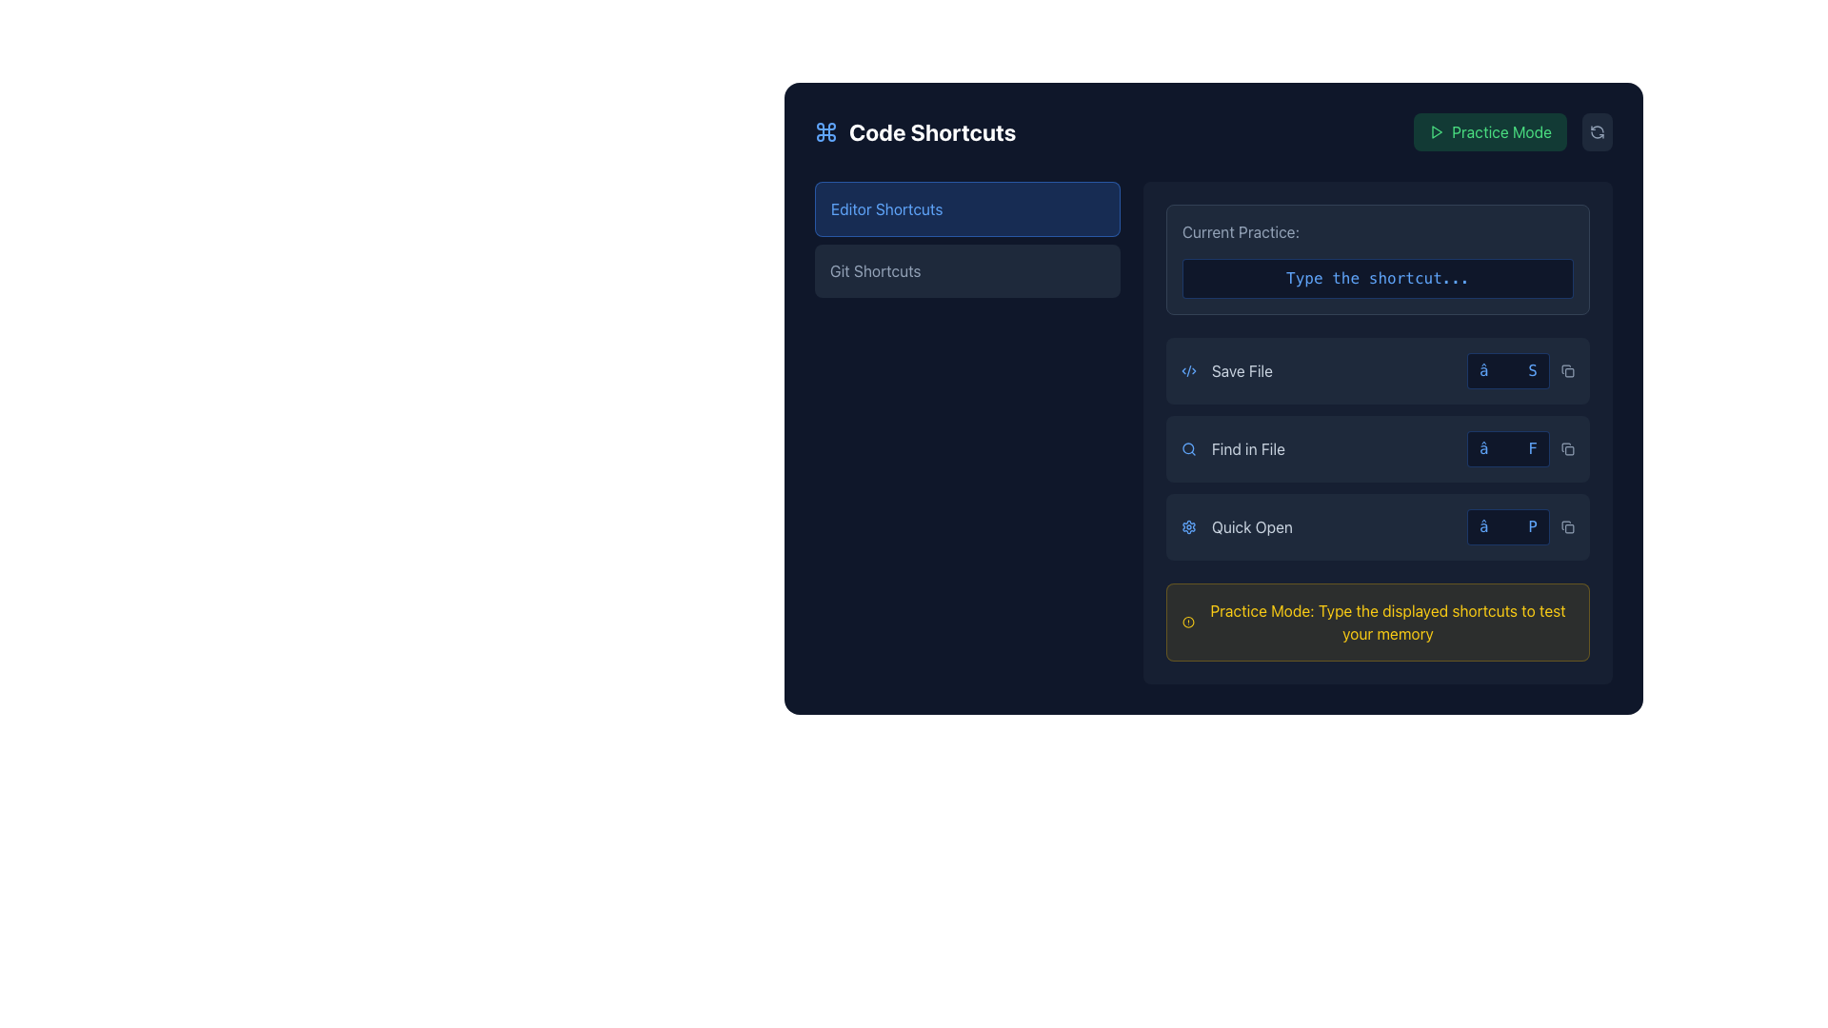  Describe the element at coordinates (1598, 130) in the screenshot. I see `the circular arrow icon located in the top right corner of the interface` at that location.